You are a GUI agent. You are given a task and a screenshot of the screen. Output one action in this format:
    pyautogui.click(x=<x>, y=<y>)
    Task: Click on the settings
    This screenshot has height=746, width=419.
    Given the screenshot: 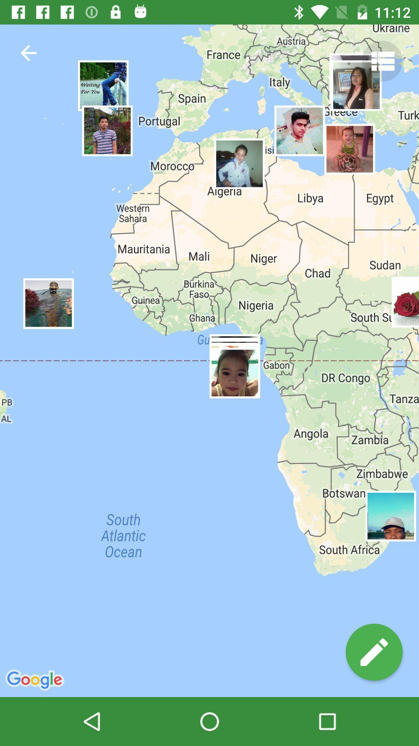 What is the action you would take?
    pyautogui.click(x=382, y=61)
    